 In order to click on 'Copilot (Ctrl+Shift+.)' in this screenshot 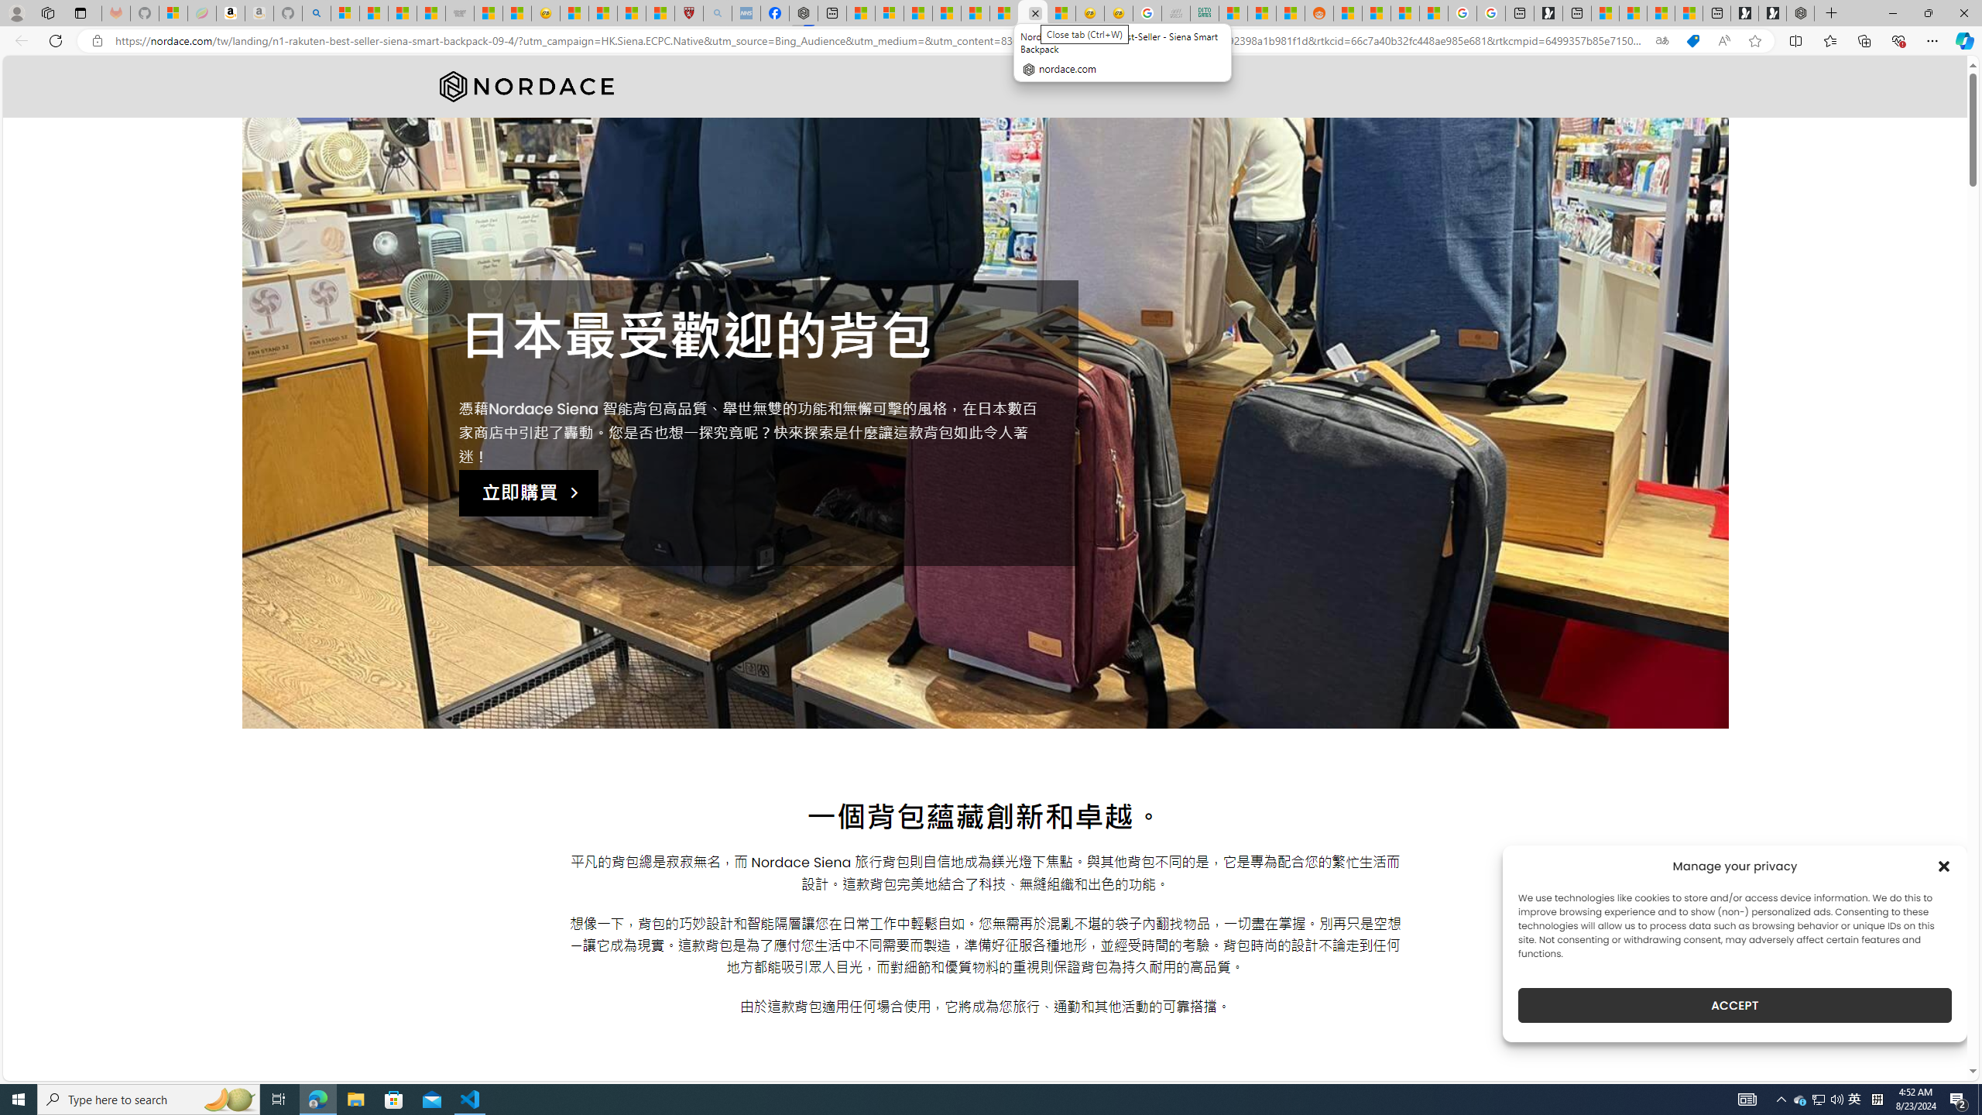, I will do `click(1963, 39)`.